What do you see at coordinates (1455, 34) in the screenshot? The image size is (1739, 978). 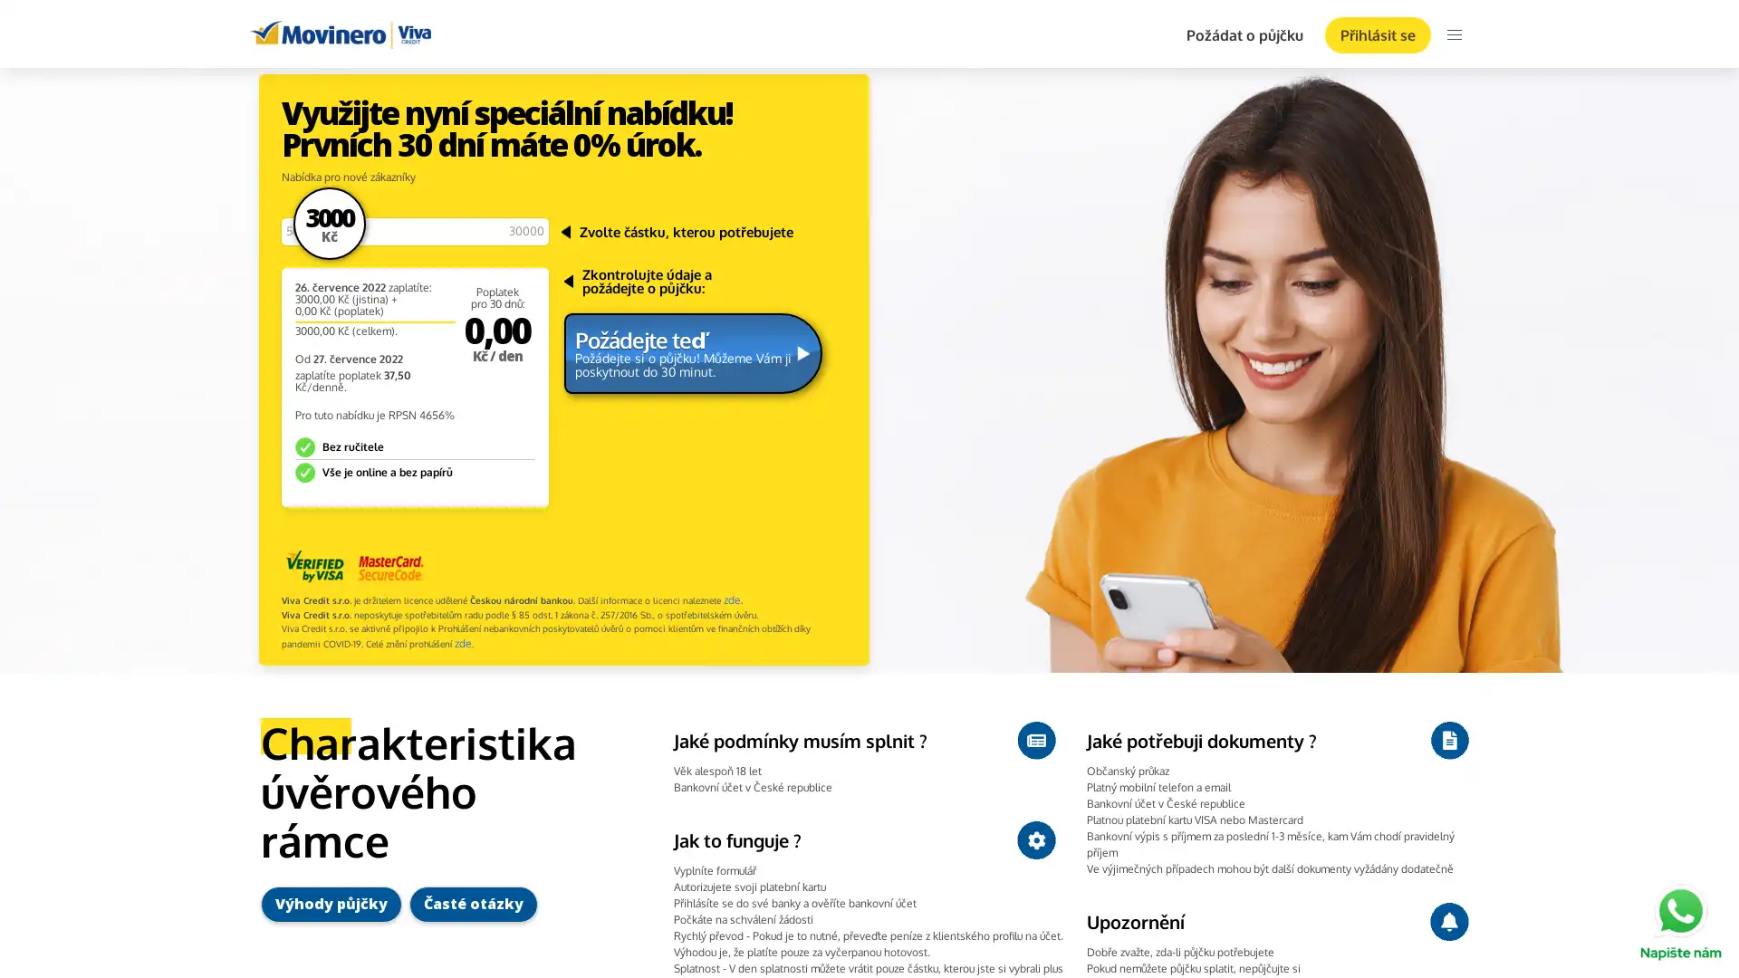 I see `menu` at bounding box center [1455, 34].